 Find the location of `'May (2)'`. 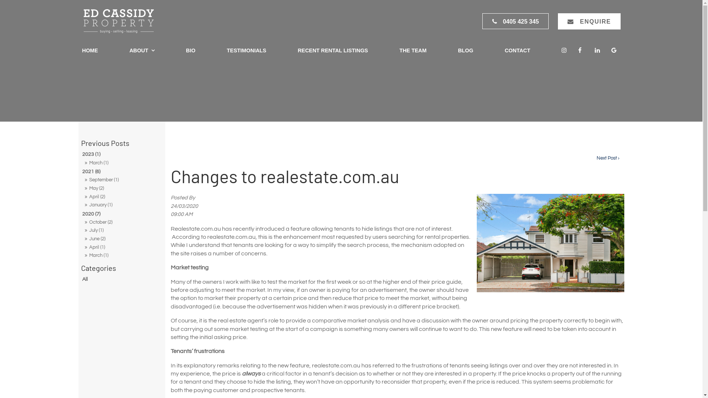

'May (2)' is located at coordinates (122, 188).